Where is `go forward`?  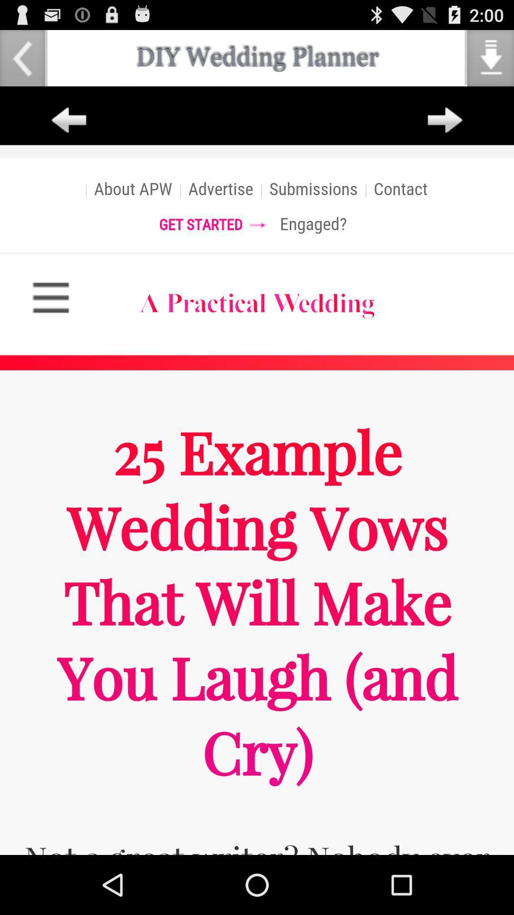 go forward is located at coordinates (445, 120).